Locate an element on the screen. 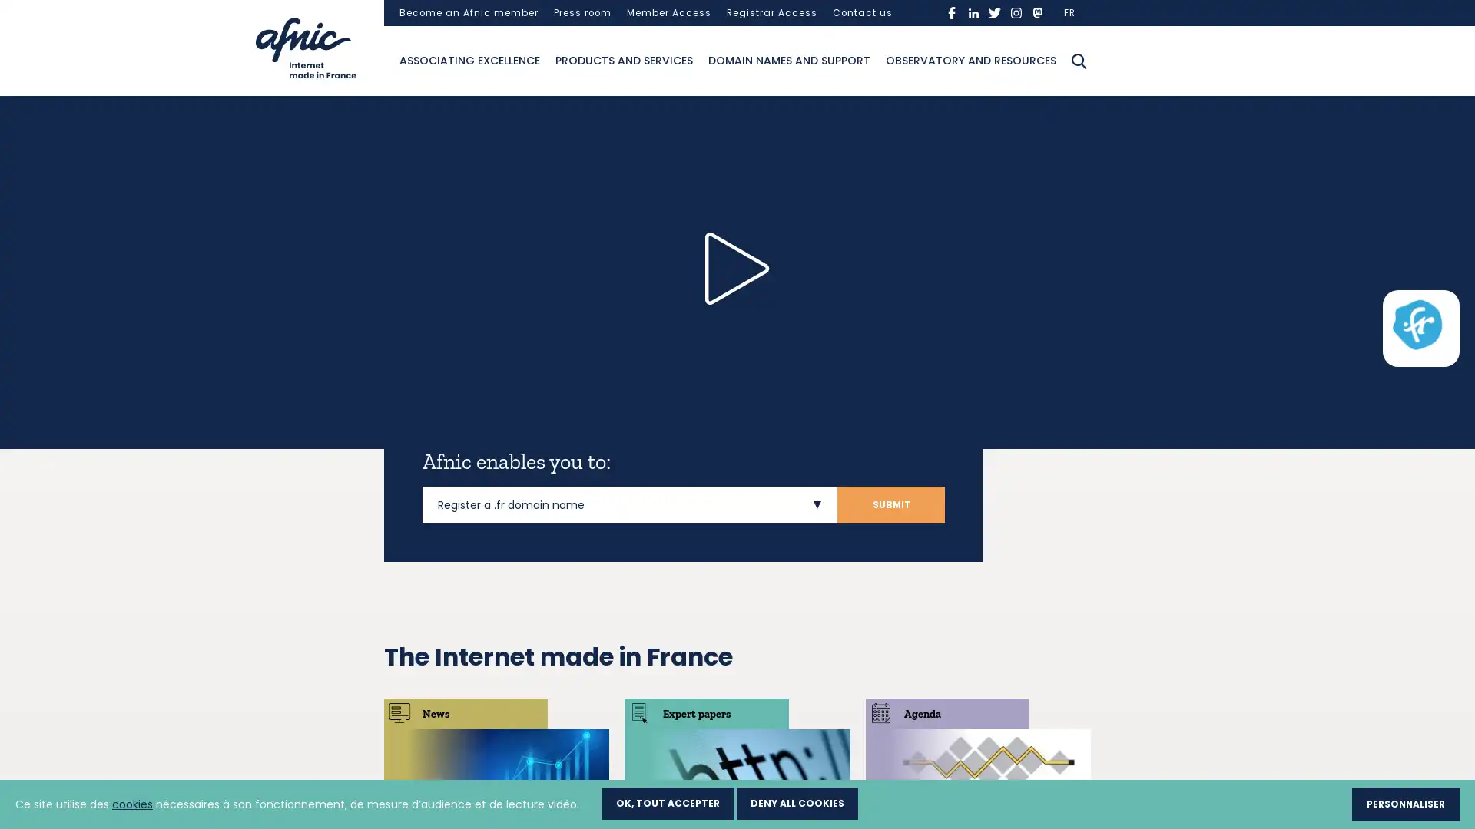 Image resolution: width=1475 pixels, height=829 pixels. OK, TOUT ACCEPTER is located at coordinates (668, 801).